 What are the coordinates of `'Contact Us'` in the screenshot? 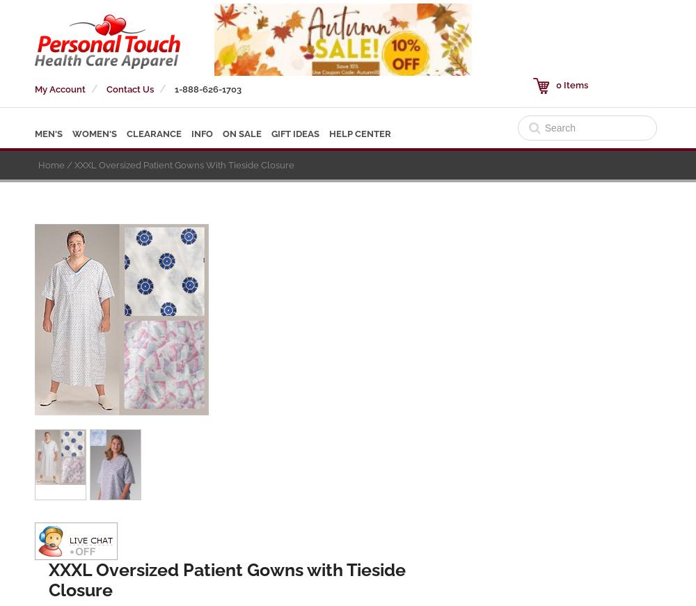 It's located at (130, 88).